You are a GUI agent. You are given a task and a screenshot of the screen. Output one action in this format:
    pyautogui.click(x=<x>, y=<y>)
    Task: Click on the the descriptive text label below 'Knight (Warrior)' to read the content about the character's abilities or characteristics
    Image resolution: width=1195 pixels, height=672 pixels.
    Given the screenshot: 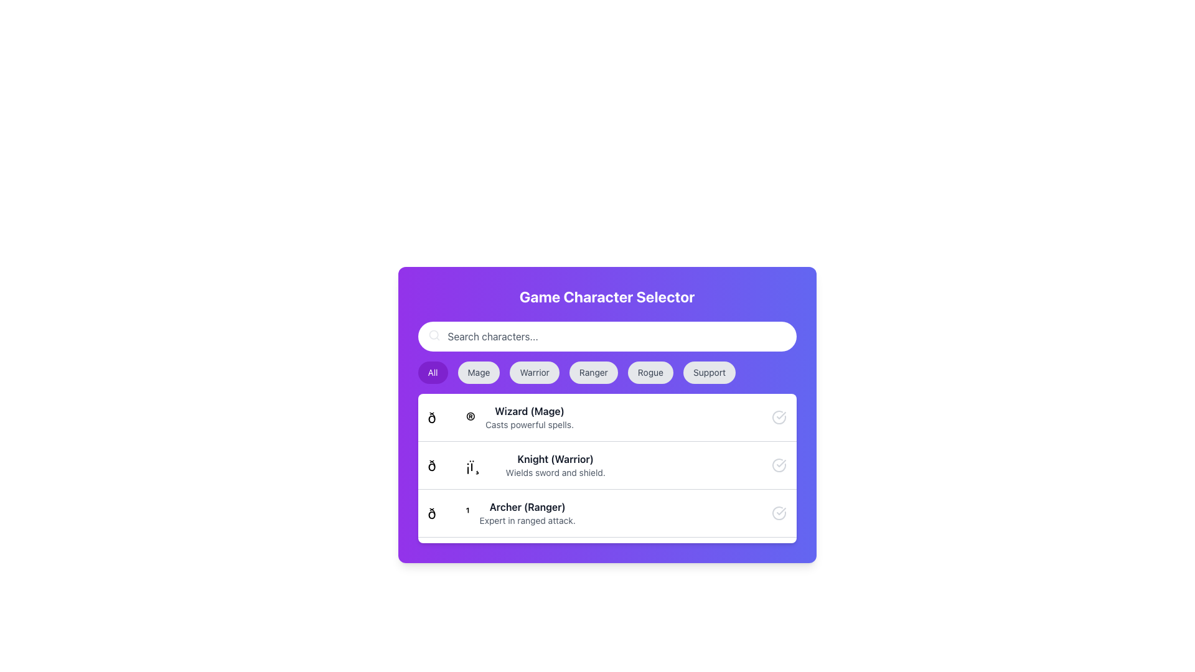 What is the action you would take?
    pyautogui.click(x=555, y=472)
    